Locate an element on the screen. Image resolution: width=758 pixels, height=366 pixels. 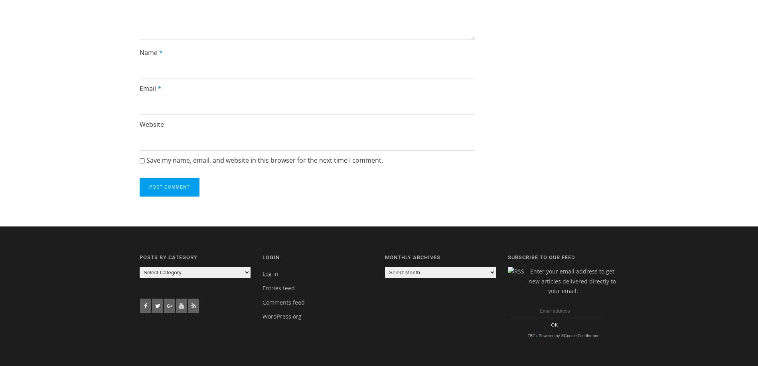
'Powered by ®Google Feedburner' is located at coordinates (538, 336).